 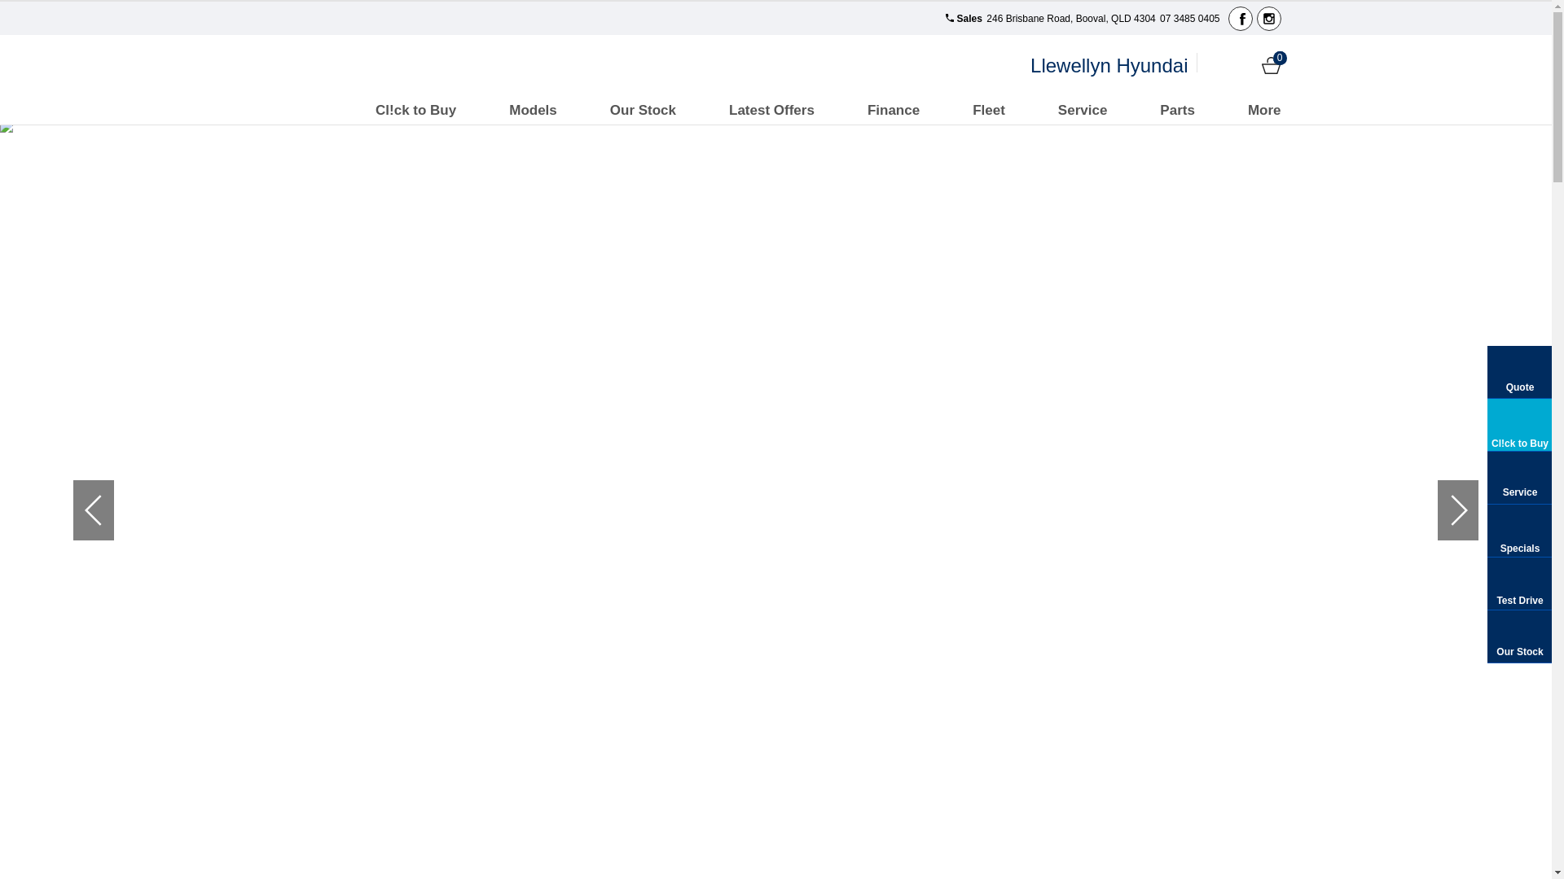 What do you see at coordinates (1267, 19) in the screenshot?
I see `'Instagram'` at bounding box center [1267, 19].